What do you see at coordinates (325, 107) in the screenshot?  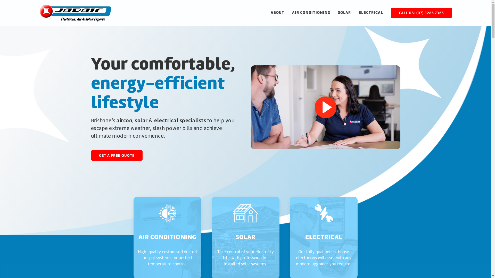 I see `'YouTube video player'` at bounding box center [325, 107].